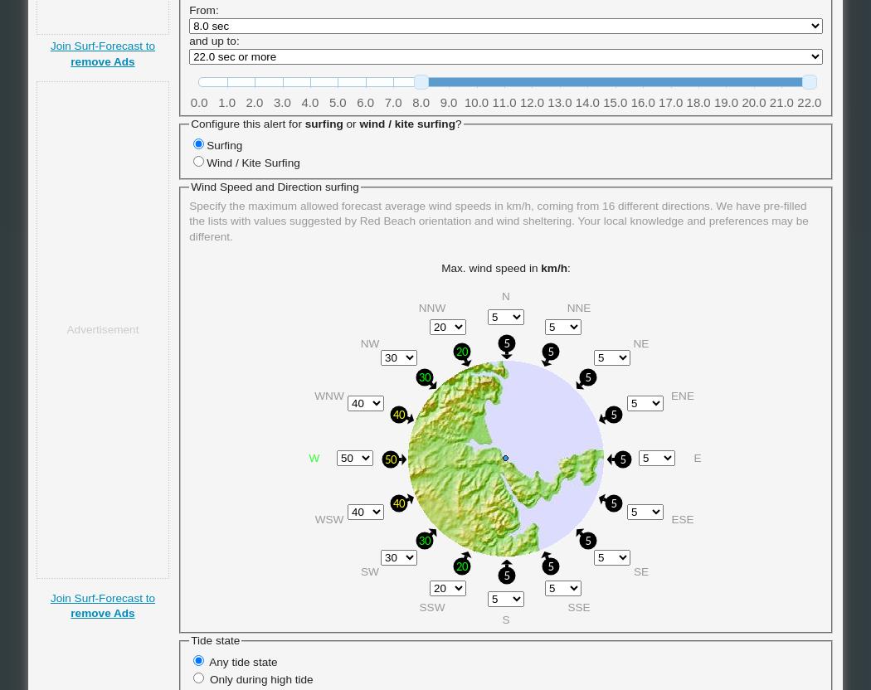 The width and height of the screenshot is (871, 690). Describe the element at coordinates (553, 268) in the screenshot. I see `'km/h'` at that location.